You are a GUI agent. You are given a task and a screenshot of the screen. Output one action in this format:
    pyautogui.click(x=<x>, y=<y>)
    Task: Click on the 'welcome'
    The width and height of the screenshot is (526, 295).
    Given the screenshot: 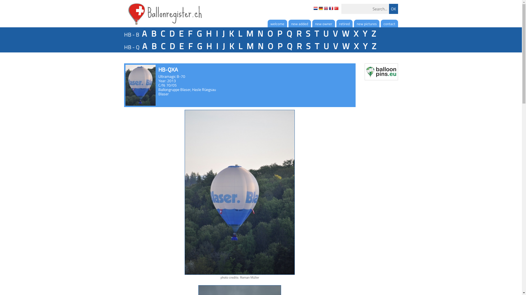 What is the action you would take?
    pyautogui.click(x=277, y=23)
    